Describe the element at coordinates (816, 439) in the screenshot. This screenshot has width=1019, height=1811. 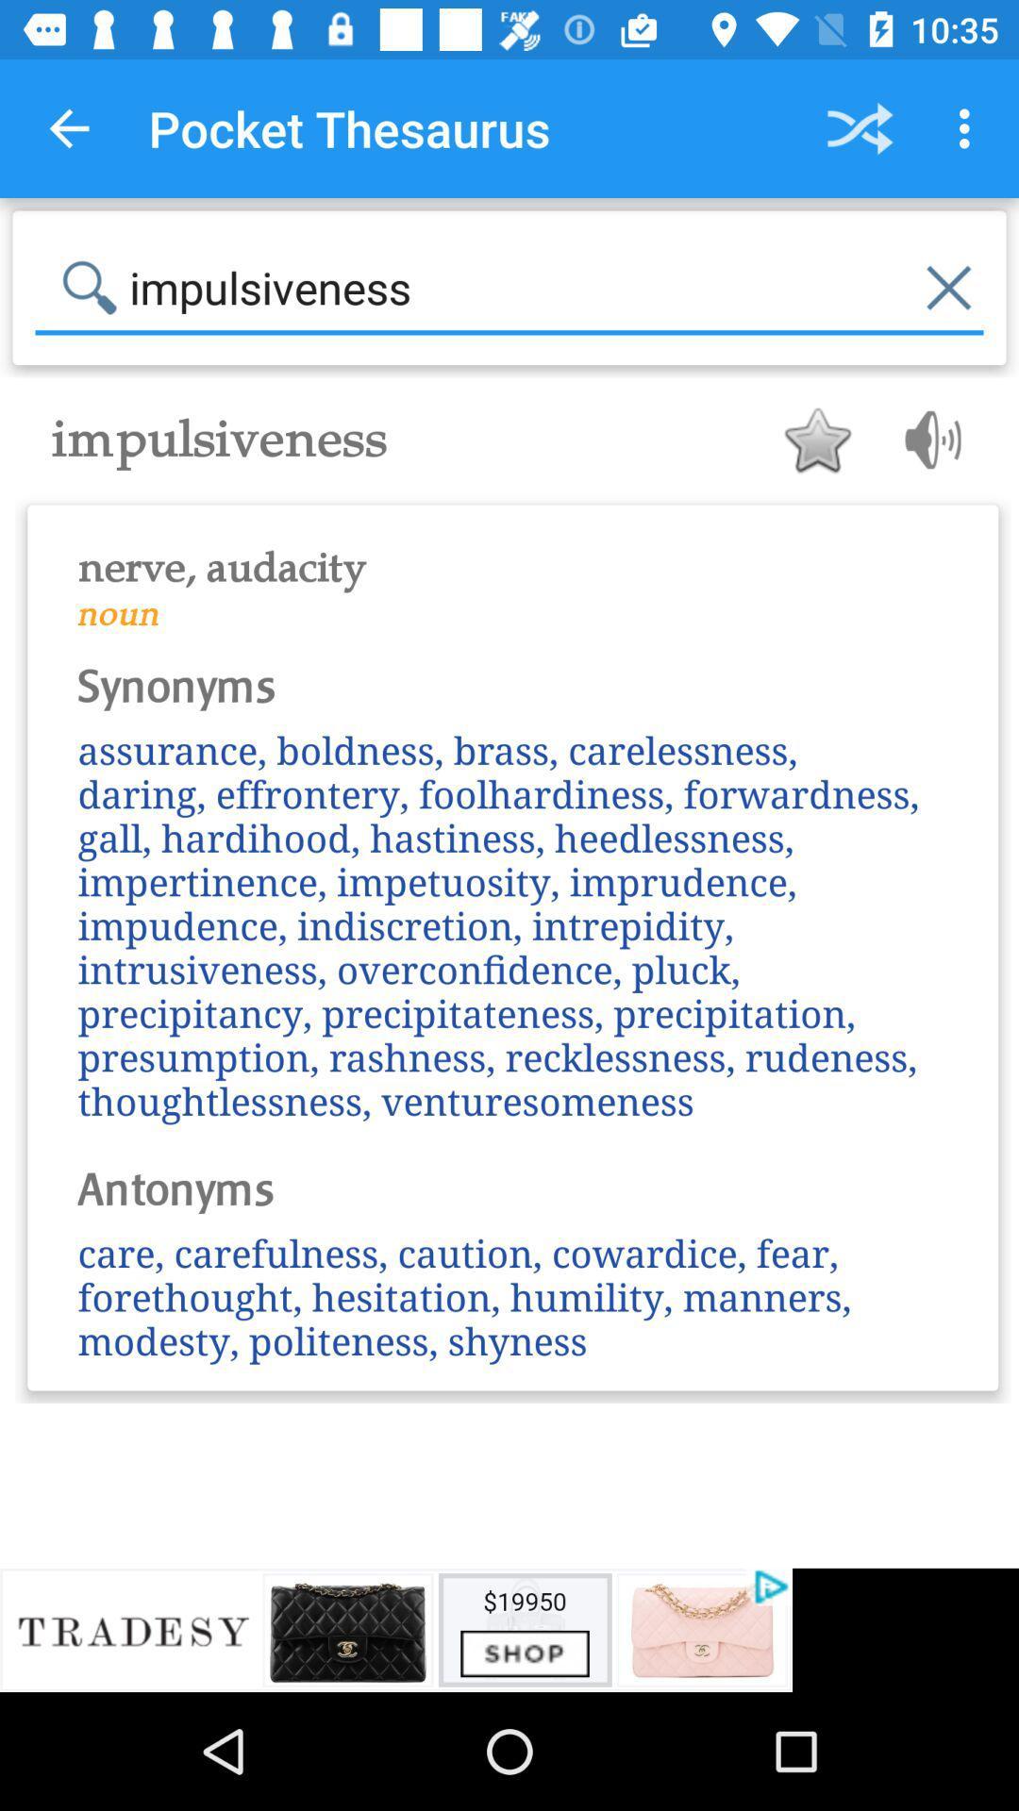
I see `the star icon` at that location.